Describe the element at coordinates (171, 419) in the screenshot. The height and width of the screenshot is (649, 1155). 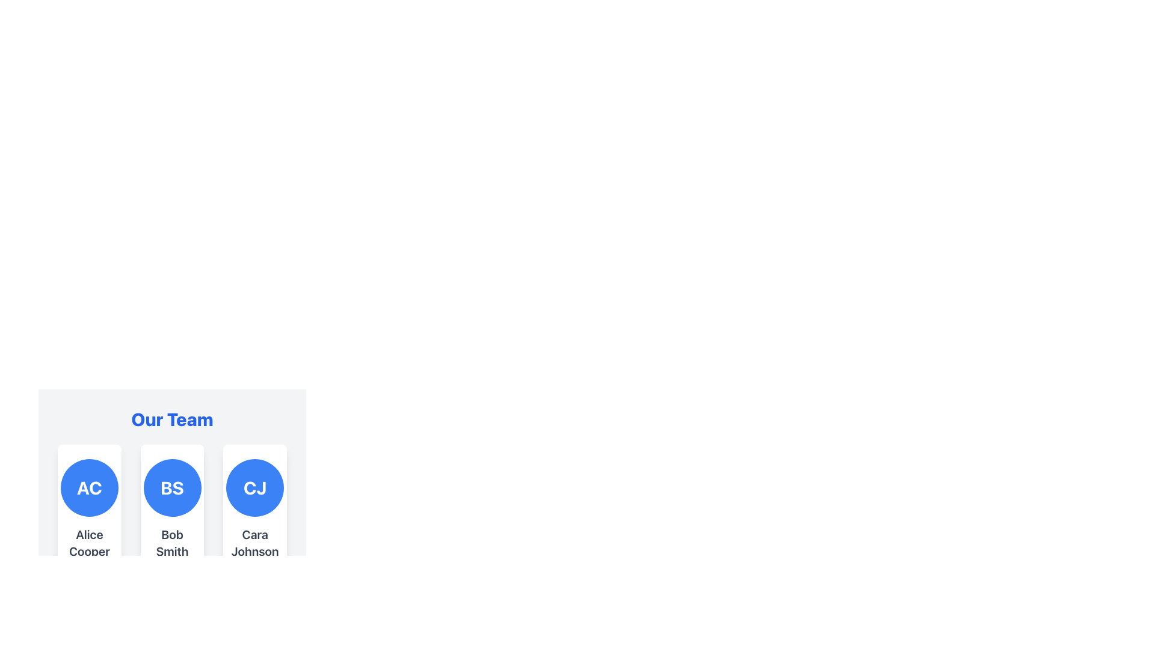
I see `the static text element that serves as a header for the team overview section, indicating the content below relates to team members` at that location.